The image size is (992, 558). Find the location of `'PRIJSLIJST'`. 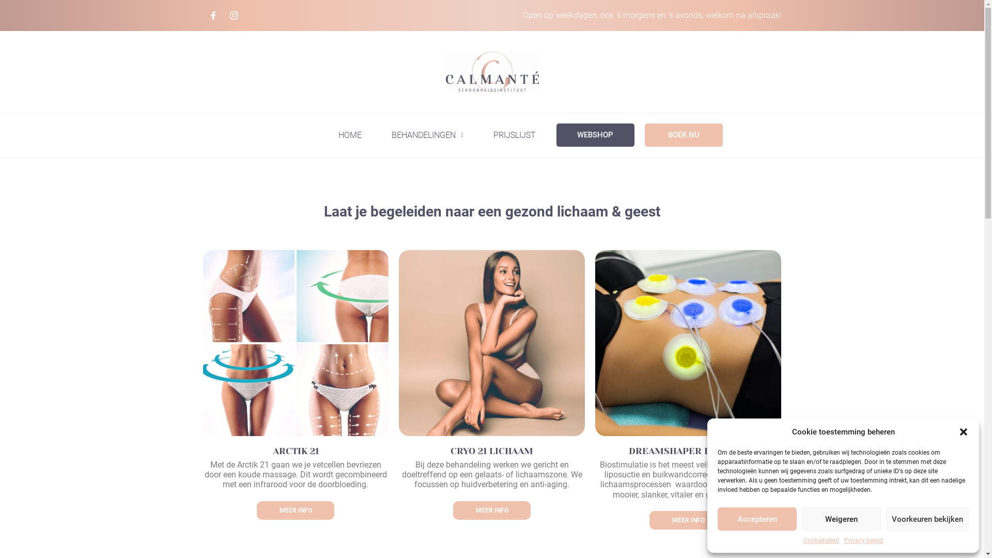

'PRIJSLIJST' is located at coordinates (514, 135).